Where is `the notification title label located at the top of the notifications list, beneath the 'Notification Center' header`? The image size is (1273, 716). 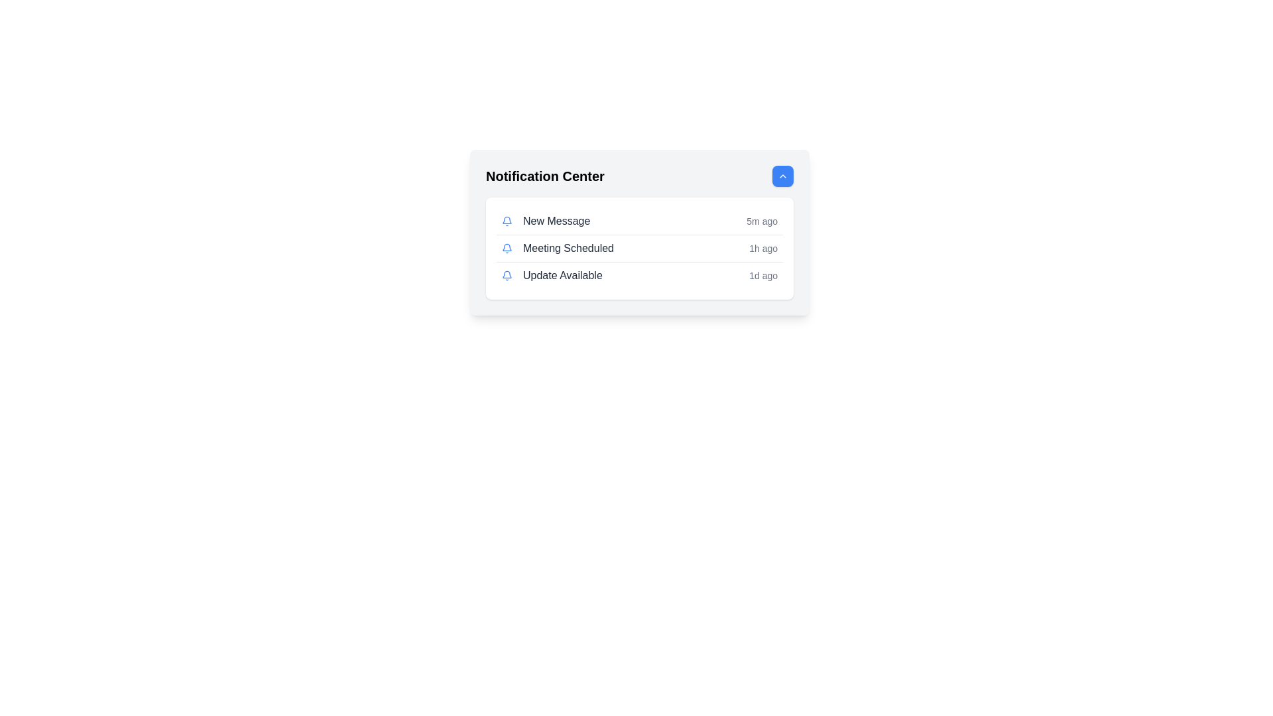 the notification title label located at the top of the notifications list, beneath the 'Notification Center' header is located at coordinates (546, 221).